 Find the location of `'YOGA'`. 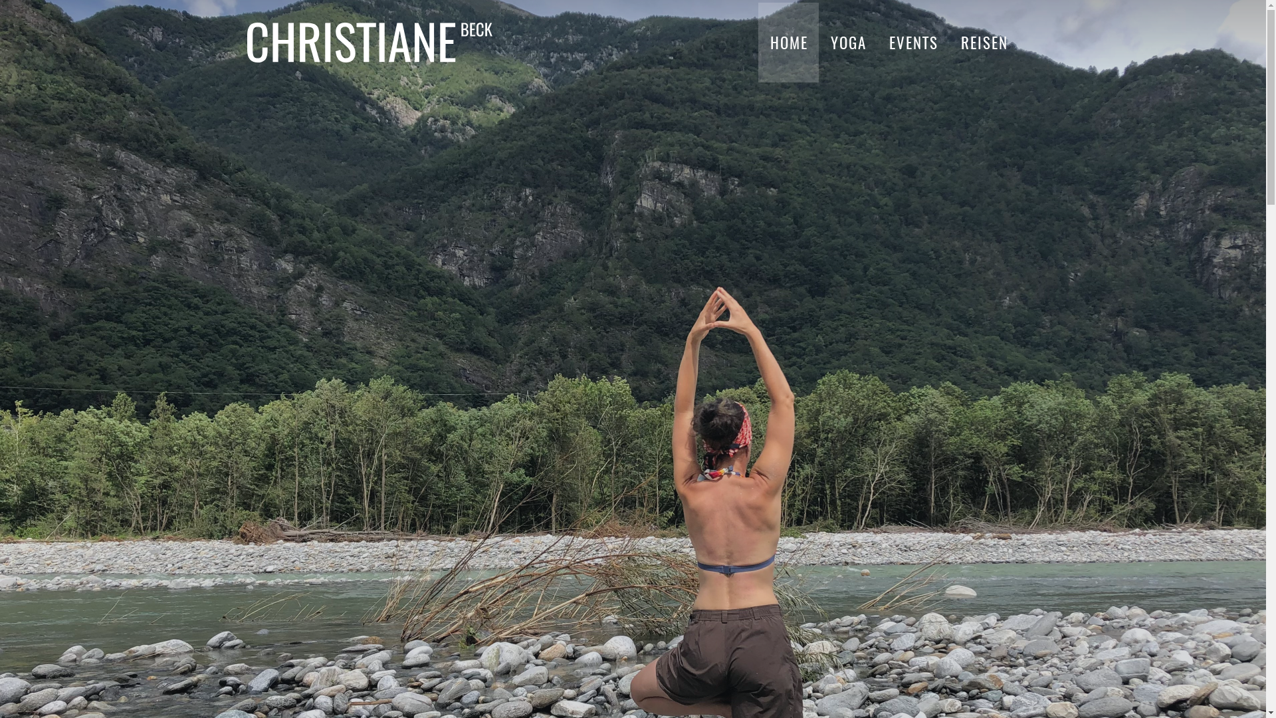

'YOGA' is located at coordinates (847, 42).